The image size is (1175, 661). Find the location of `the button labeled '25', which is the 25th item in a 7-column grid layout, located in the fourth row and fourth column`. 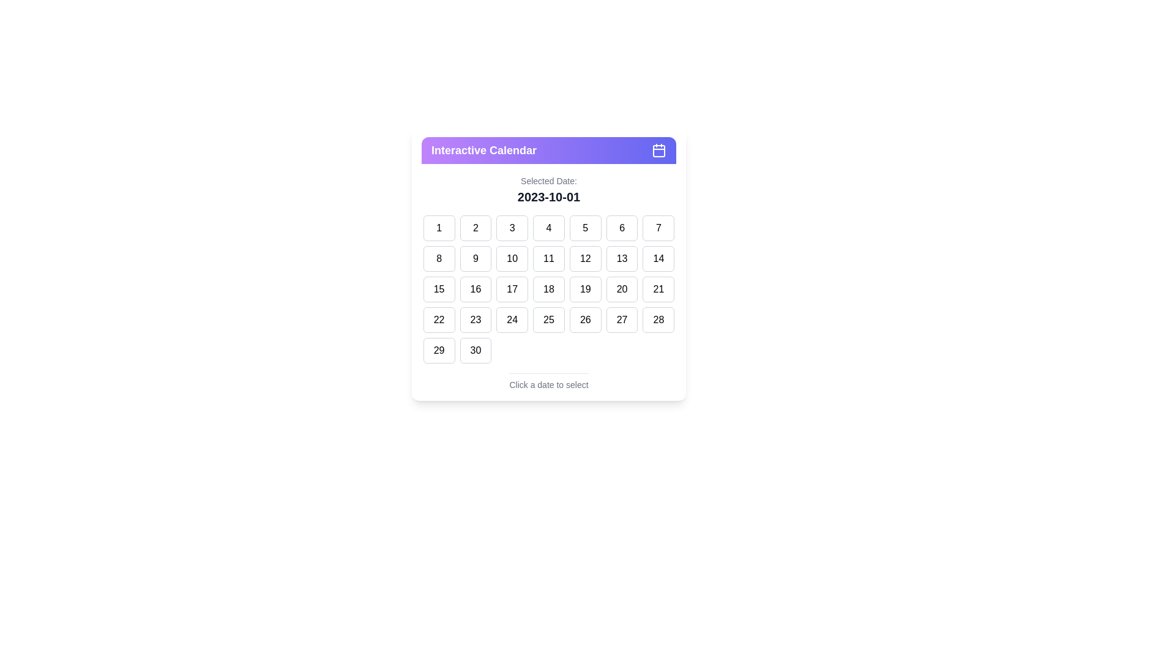

the button labeled '25', which is the 25th item in a 7-column grid layout, located in the fourth row and fourth column is located at coordinates (548, 319).